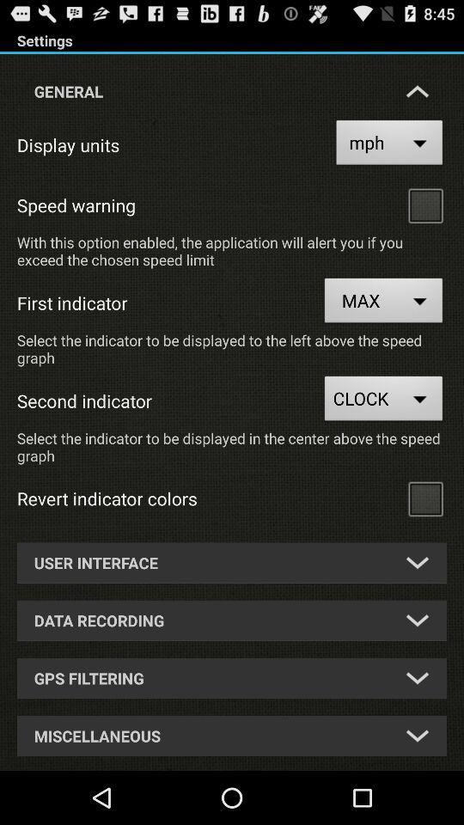  I want to click on choose button, so click(424, 498).